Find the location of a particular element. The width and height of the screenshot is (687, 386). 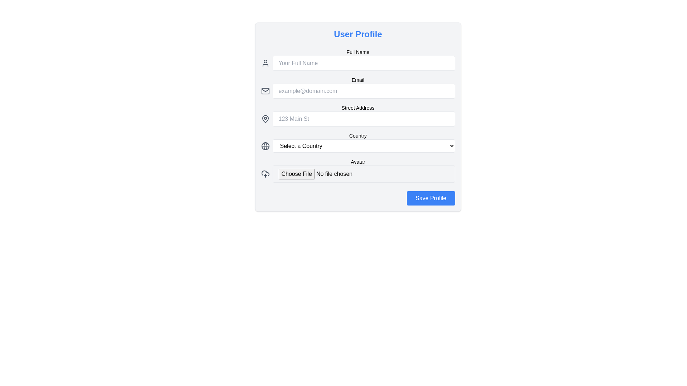

globe icon located to the left of the 'Select a Country' dropdown menu in the 'Country' section of the 'User Profile' form is located at coordinates (265, 145).